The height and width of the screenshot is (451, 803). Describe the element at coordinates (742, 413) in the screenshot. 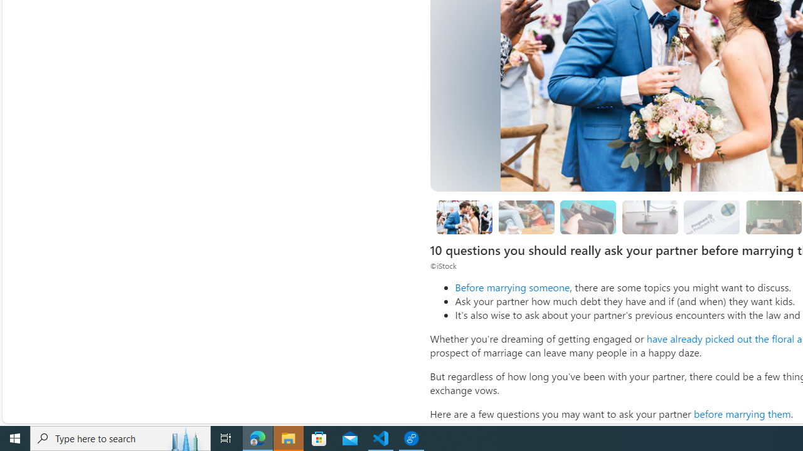

I see `'before marrying them'` at that location.